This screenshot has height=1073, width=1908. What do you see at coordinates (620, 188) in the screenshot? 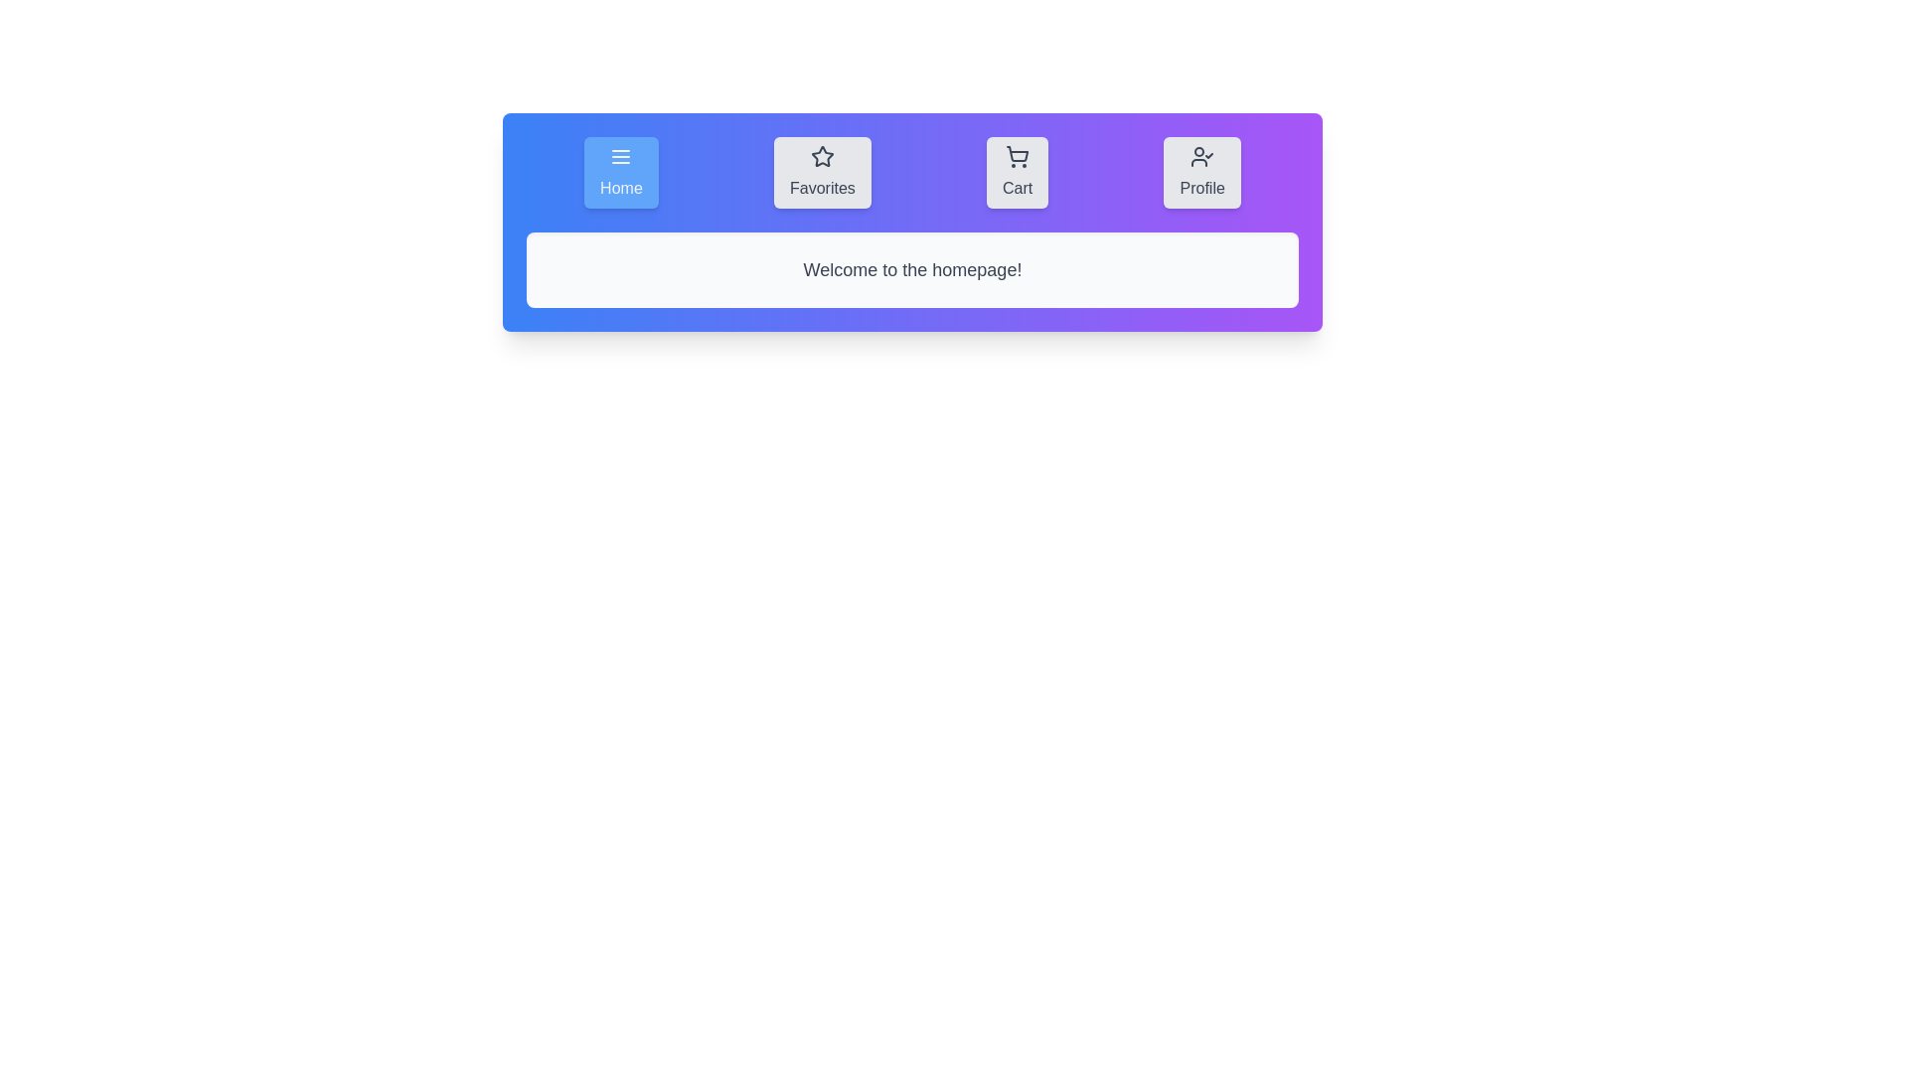
I see `text label displaying 'Home' located below the menu icon in the first button on the navigation bar` at bounding box center [620, 188].